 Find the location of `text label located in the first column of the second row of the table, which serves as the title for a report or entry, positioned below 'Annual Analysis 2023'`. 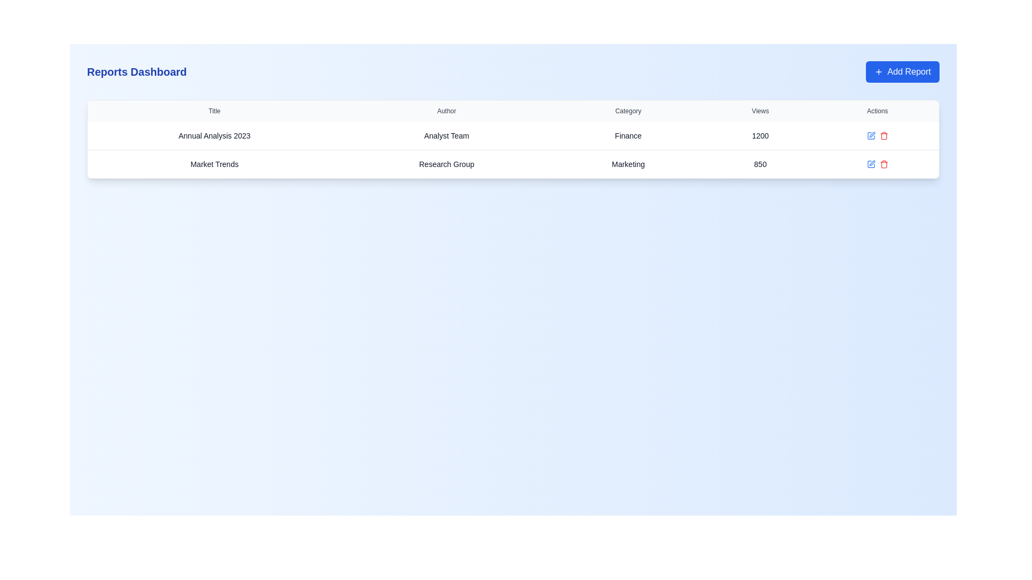

text label located in the first column of the second row of the table, which serves as the title for a report or entry, positioned below 'Annual Analysis 2023' is located at coordinates (214, 164).